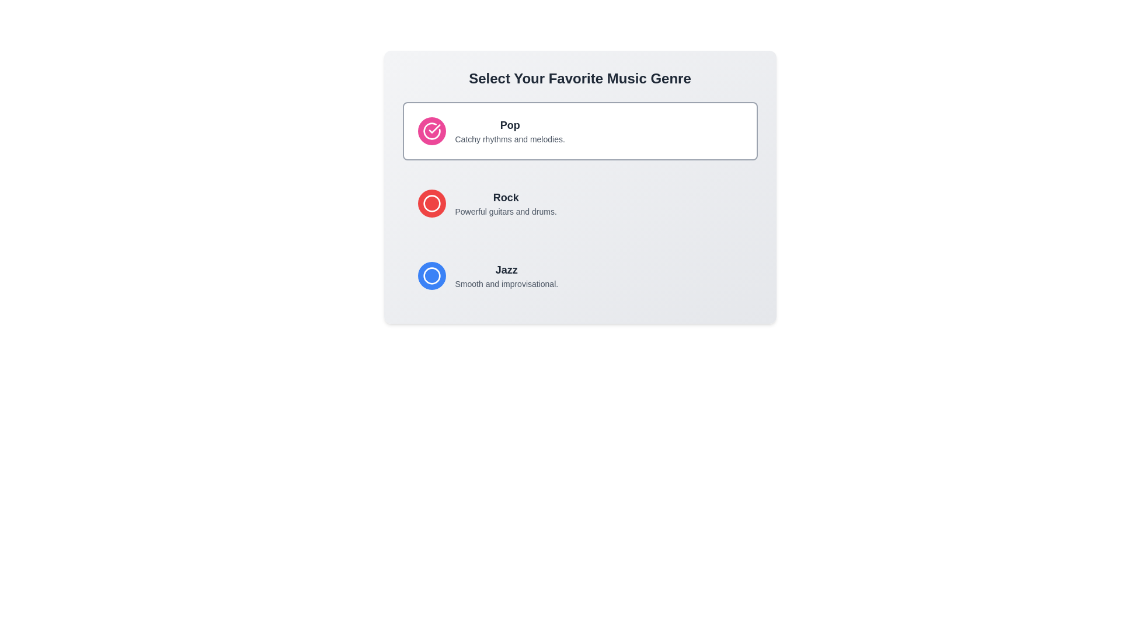  Describe the element at coordinates (506, 269) in the screenshot. I see `text label for the music genre option 'Jazz', which is located in the third position of a vertically stacked list of music genres` at that location.